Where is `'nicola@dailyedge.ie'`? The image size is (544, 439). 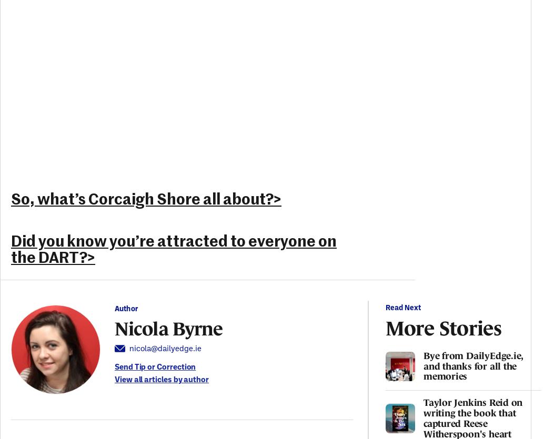
'nicola@dailyedge.ie' is located at coordinates (165, 348).